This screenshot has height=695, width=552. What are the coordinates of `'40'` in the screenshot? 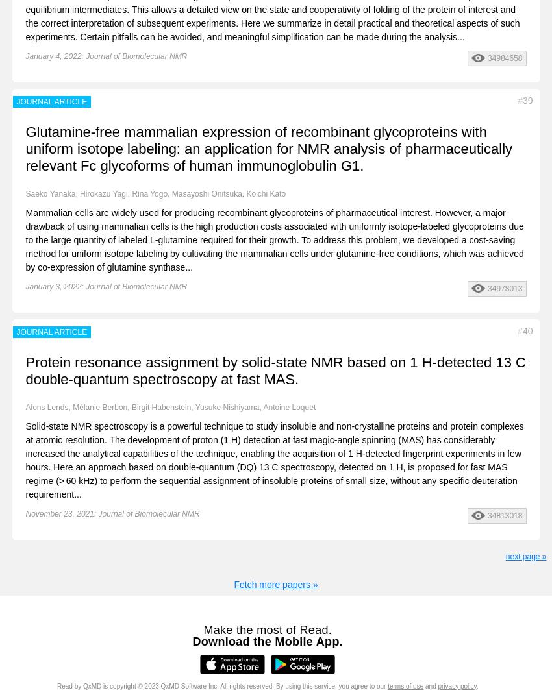 It's located at (527, 330).